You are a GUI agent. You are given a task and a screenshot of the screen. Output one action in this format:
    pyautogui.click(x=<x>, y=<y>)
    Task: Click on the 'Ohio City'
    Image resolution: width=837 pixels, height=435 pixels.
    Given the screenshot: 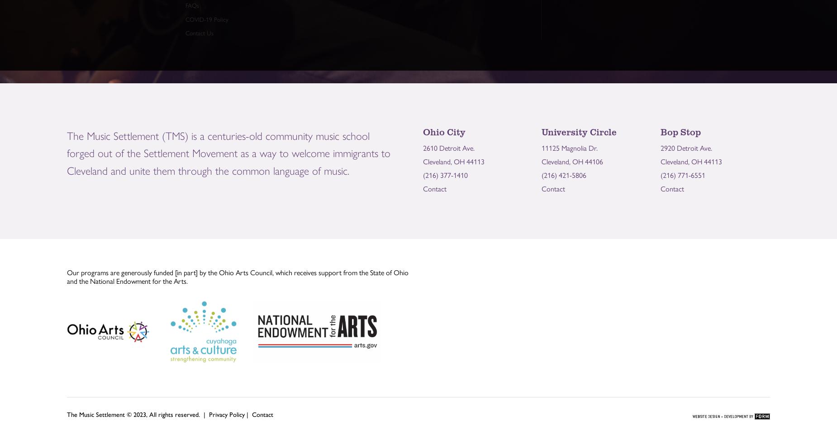 What is the action you would take?
    pyautogui.click(x=443, y=131)
    